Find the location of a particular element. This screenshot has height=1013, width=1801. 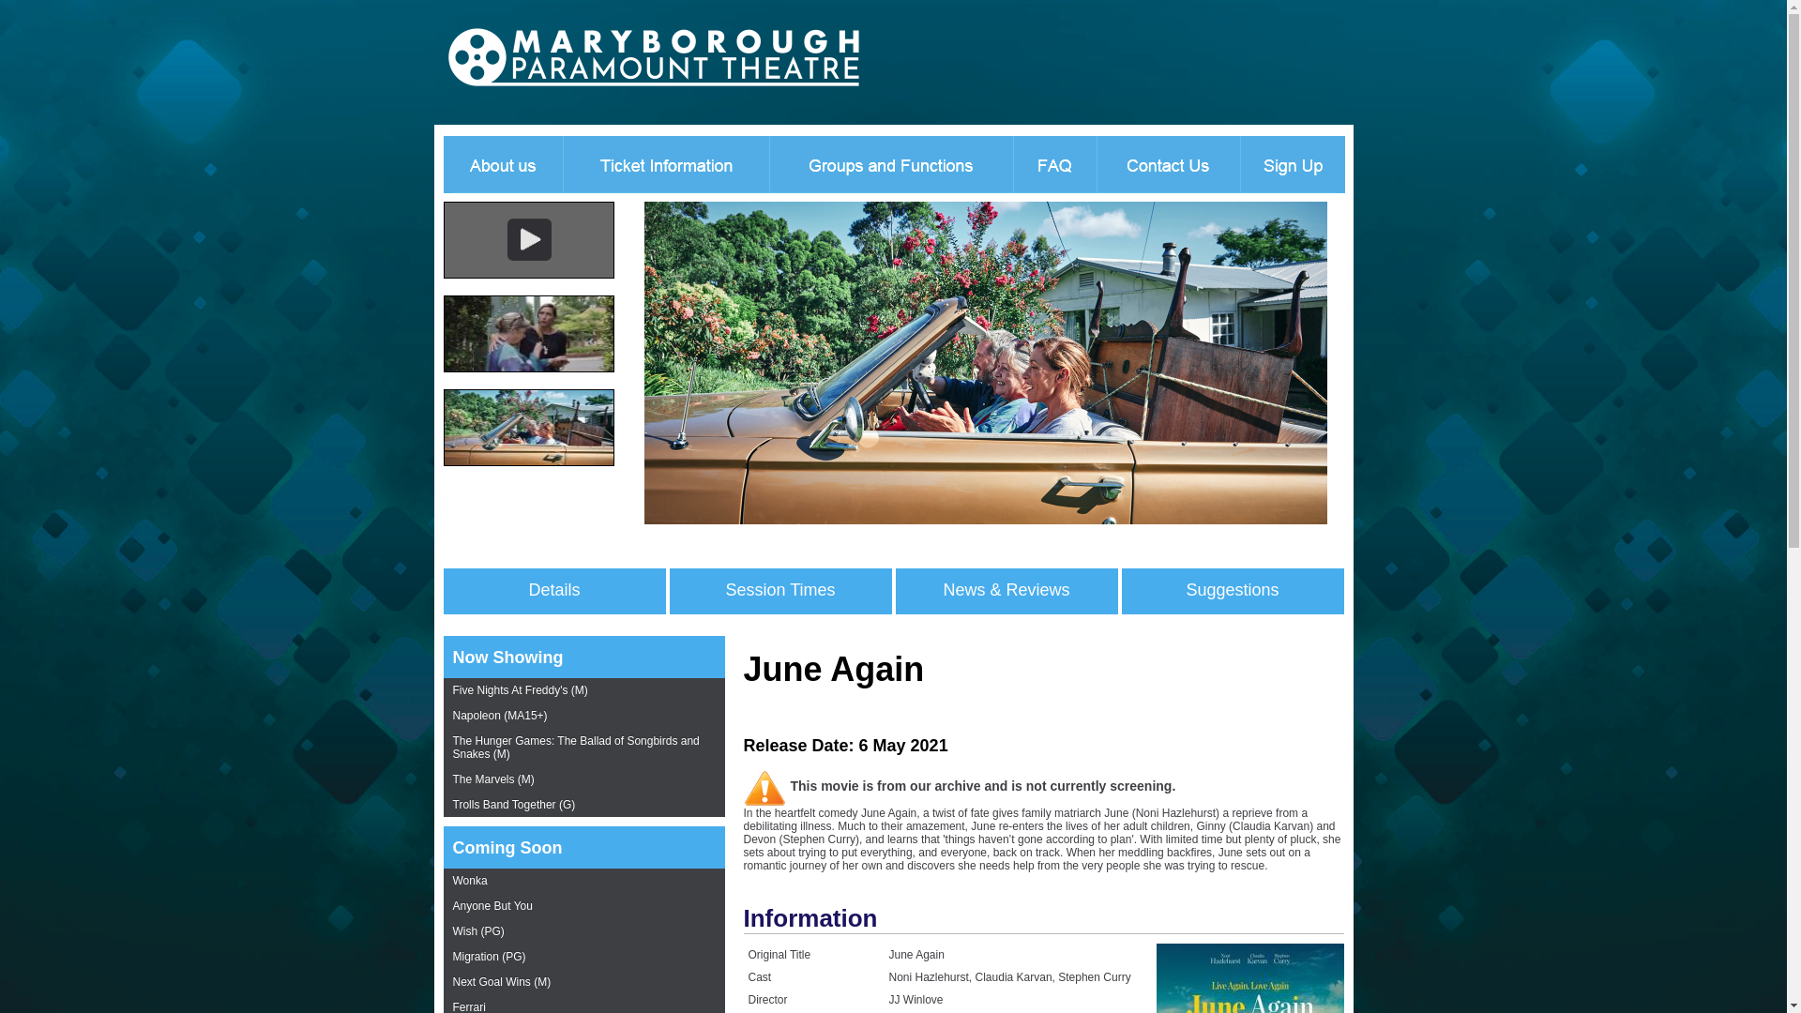

'Trolls Band Together (G)' is located at coordinates (441, 803).